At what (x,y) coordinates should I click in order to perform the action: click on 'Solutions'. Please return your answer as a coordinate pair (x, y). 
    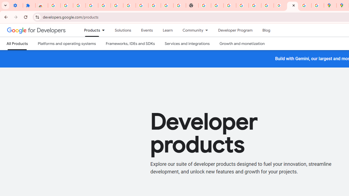
    Looking at the image, I should click on (123, 30).